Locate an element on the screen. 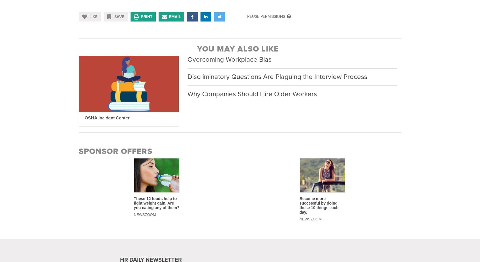 The image size is (480, 262). 'Become more successful by doing these 10 things each day.' is located at coordinates (318, 205).